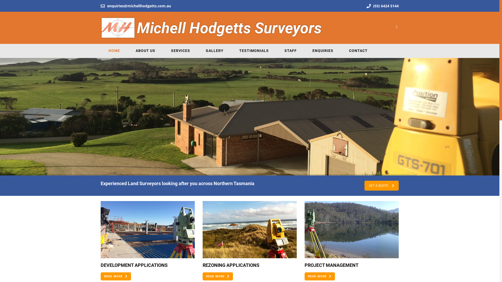 The image size is (502, 282). I want to click on 'SERVICES', so click(163, 51).